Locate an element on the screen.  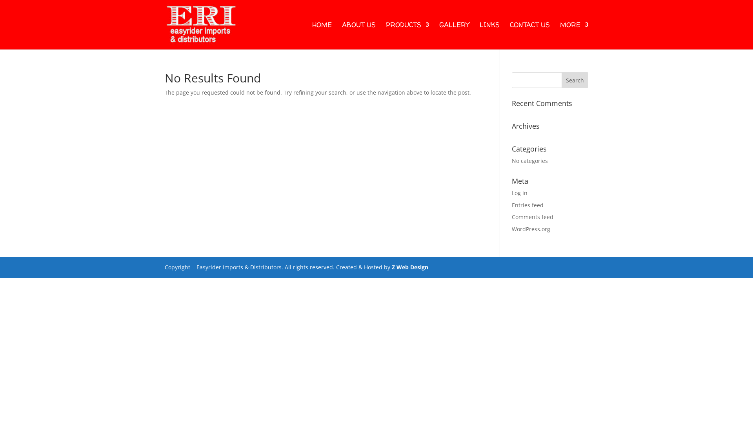
'LINKS' is located at coordinates (479, 36).